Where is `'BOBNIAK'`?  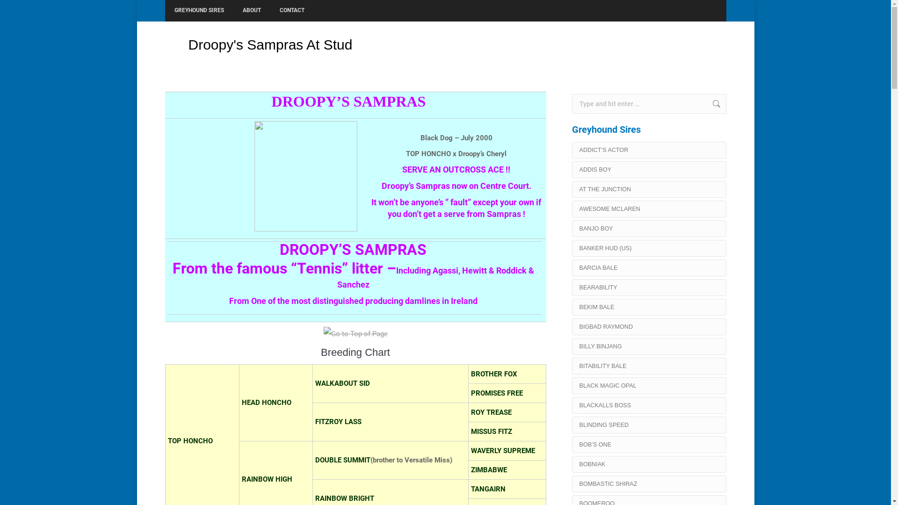 'BOBNIAK' is located at coordinates (648, 464).